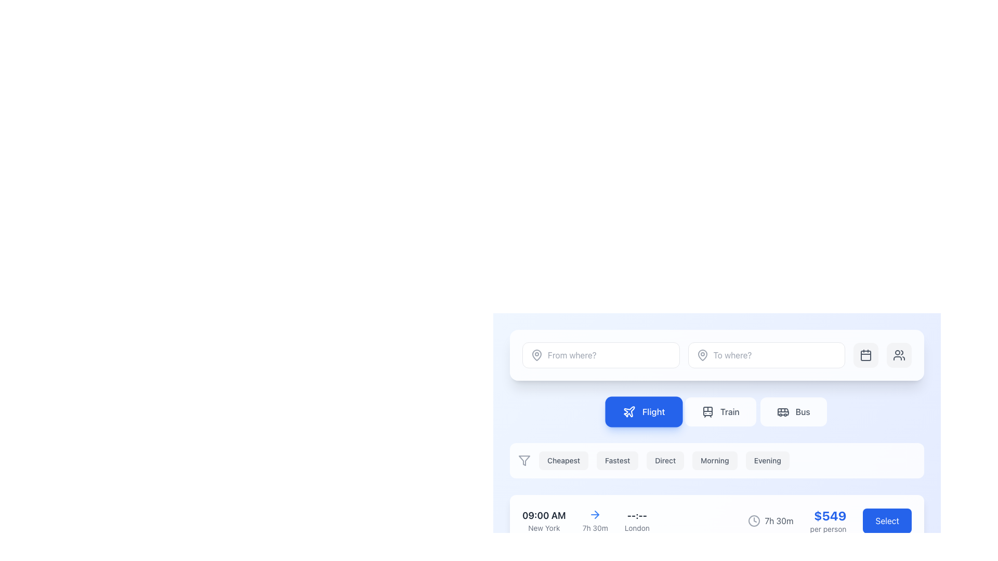  I want to click on flight duration and pricing information displayed in the Composite component located at the lower right side of the user interface, which includes the text '7h 30m', a clock icon, and '$549 per person' in bold blue text, along with a 'Select' button, so click(829, 520).